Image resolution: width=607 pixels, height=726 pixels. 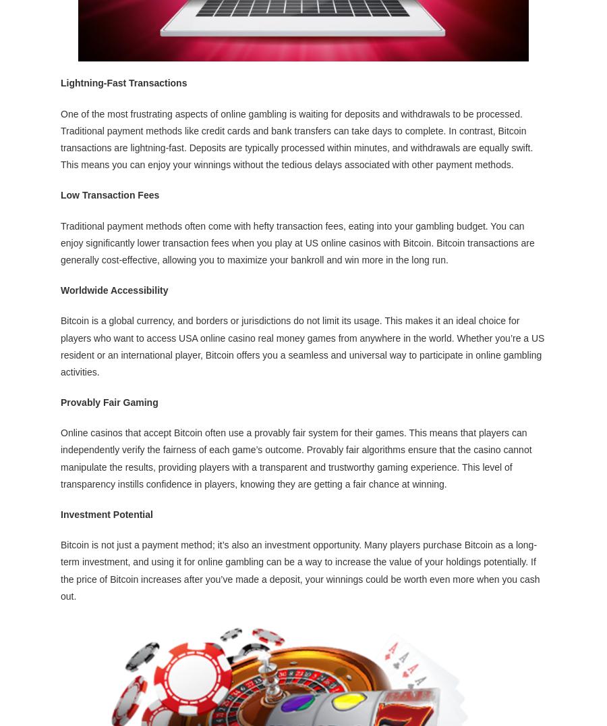 I want to click on 'Low Transaction Fees', so click(x=109, y=194).